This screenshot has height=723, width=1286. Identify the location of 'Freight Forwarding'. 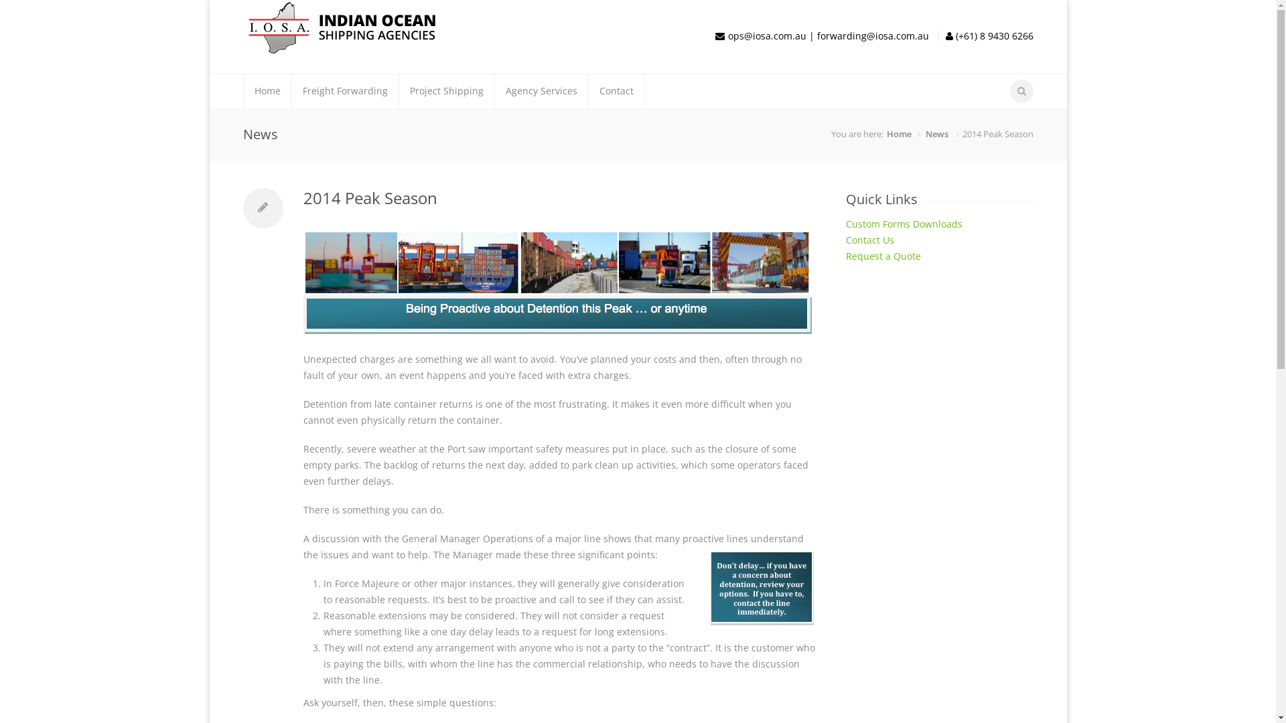
(345, 90).